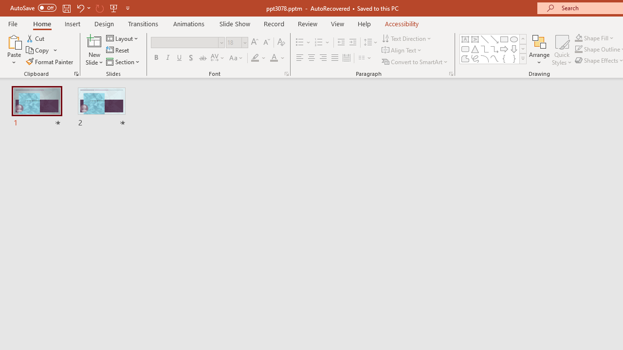  I want to click on 'Font Size', so click(234, 42).